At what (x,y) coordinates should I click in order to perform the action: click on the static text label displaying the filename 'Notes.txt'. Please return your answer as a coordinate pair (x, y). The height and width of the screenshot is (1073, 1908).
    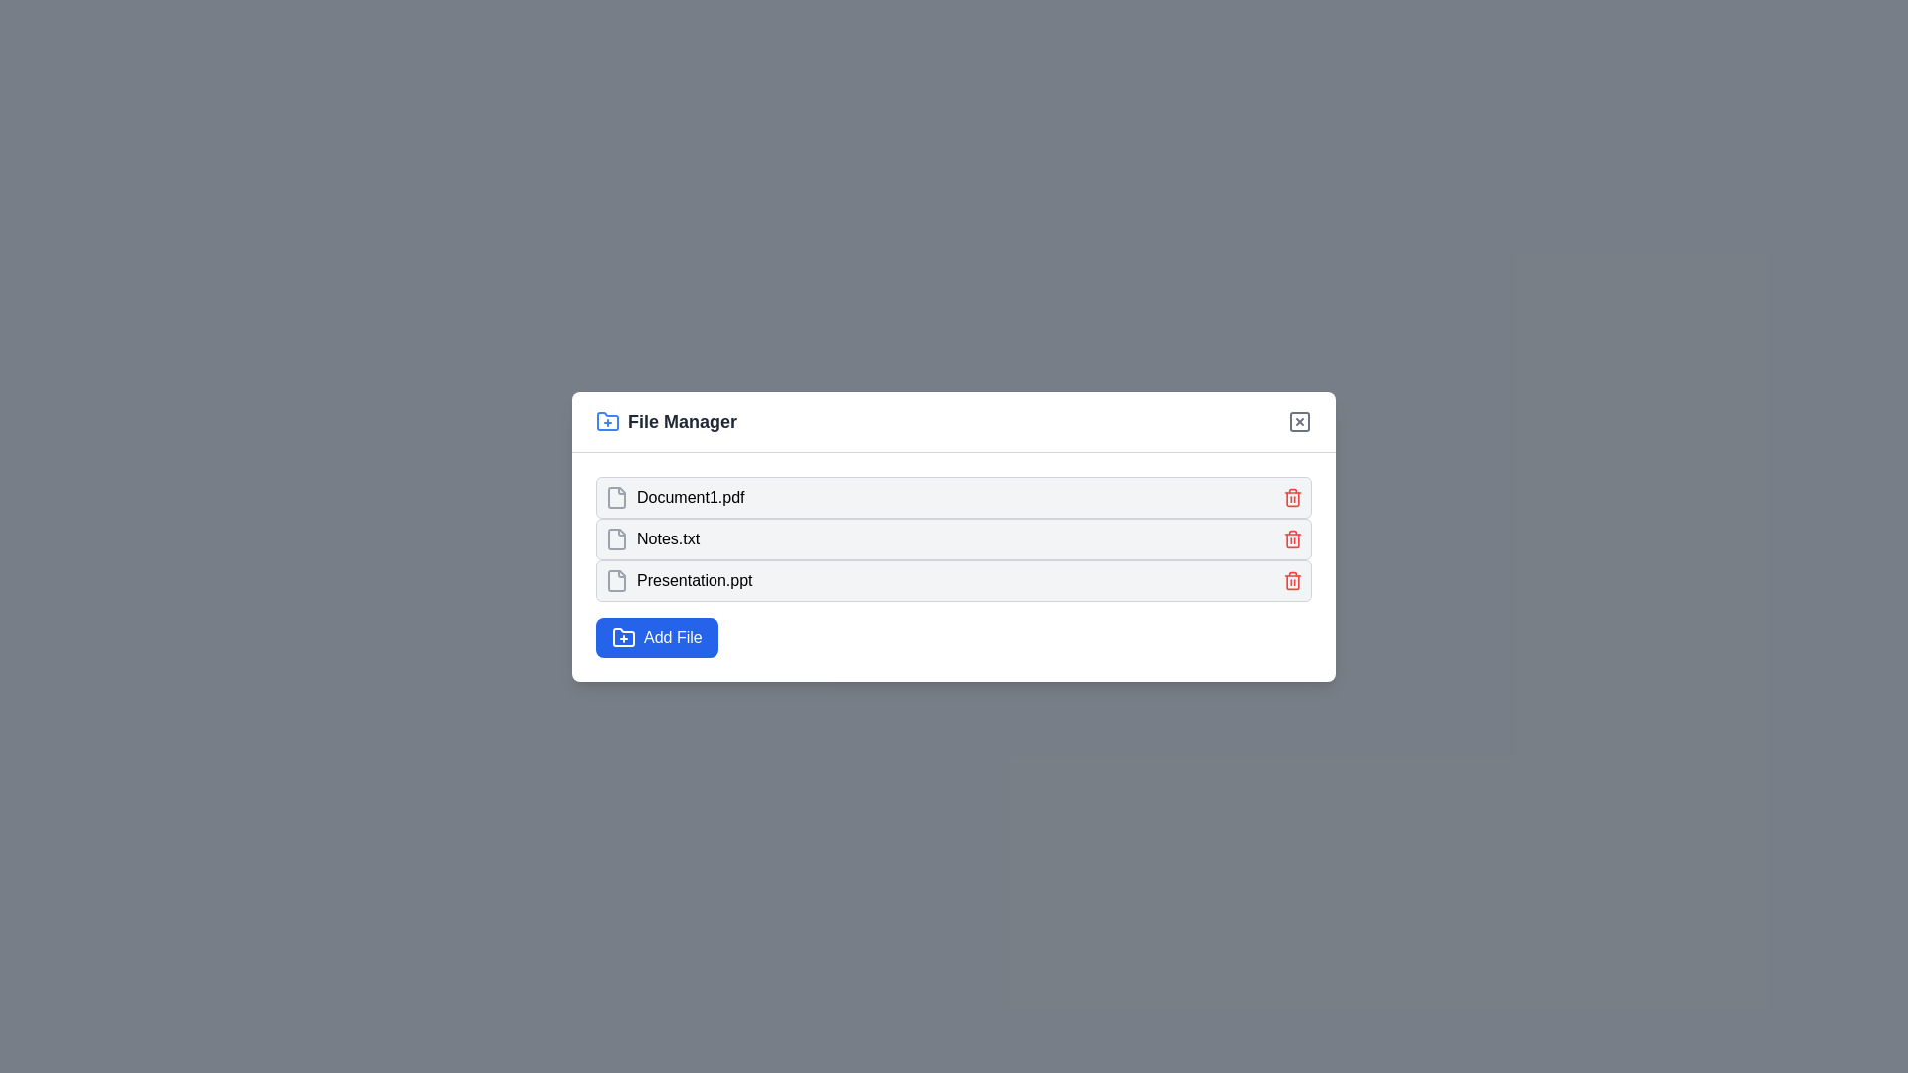
    Looking at the image, I should click on (668, 538).